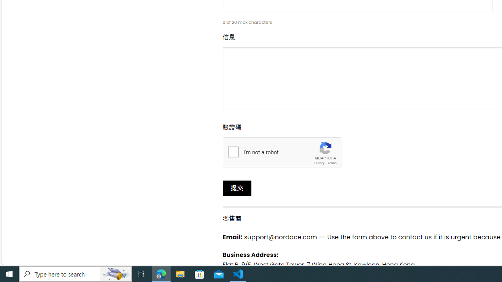 The image size is (502, 282). Describe the element at coordinates (319, 163) in the screenshot. I see `'Privacy'` at that location.